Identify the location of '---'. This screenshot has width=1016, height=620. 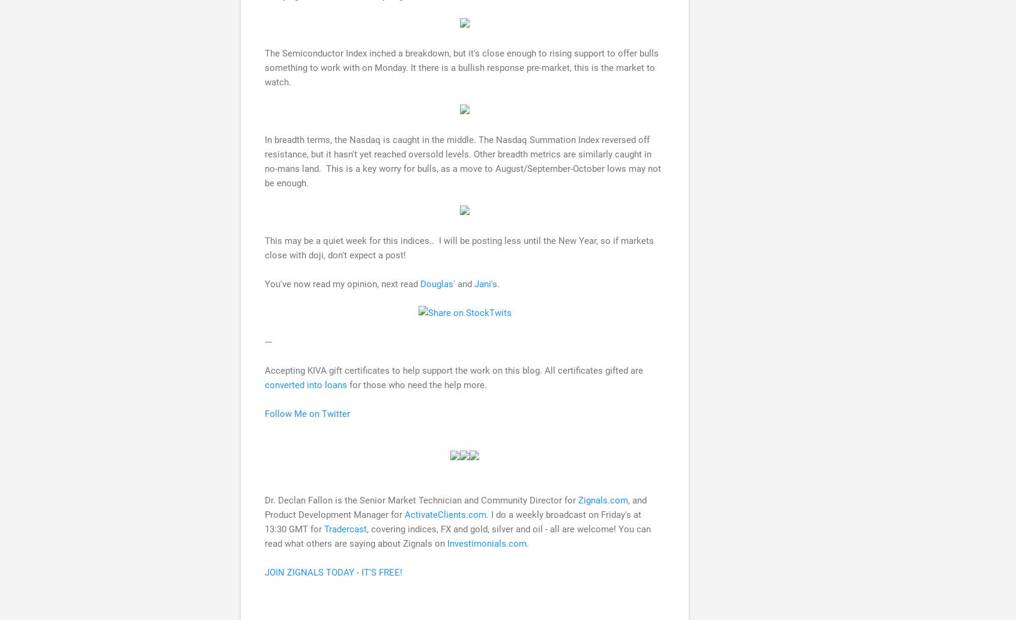
(264, 341).